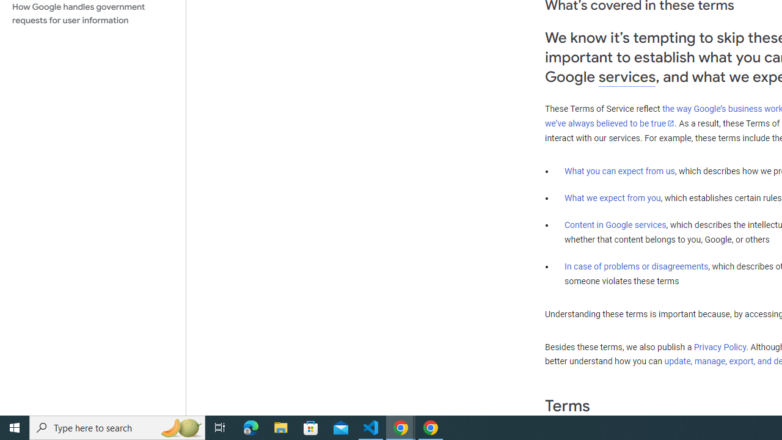  What do you see at coordinates (720, 346) in the screenshot?
I see `'Privacy Policy'` at bounding box center [720, 346].